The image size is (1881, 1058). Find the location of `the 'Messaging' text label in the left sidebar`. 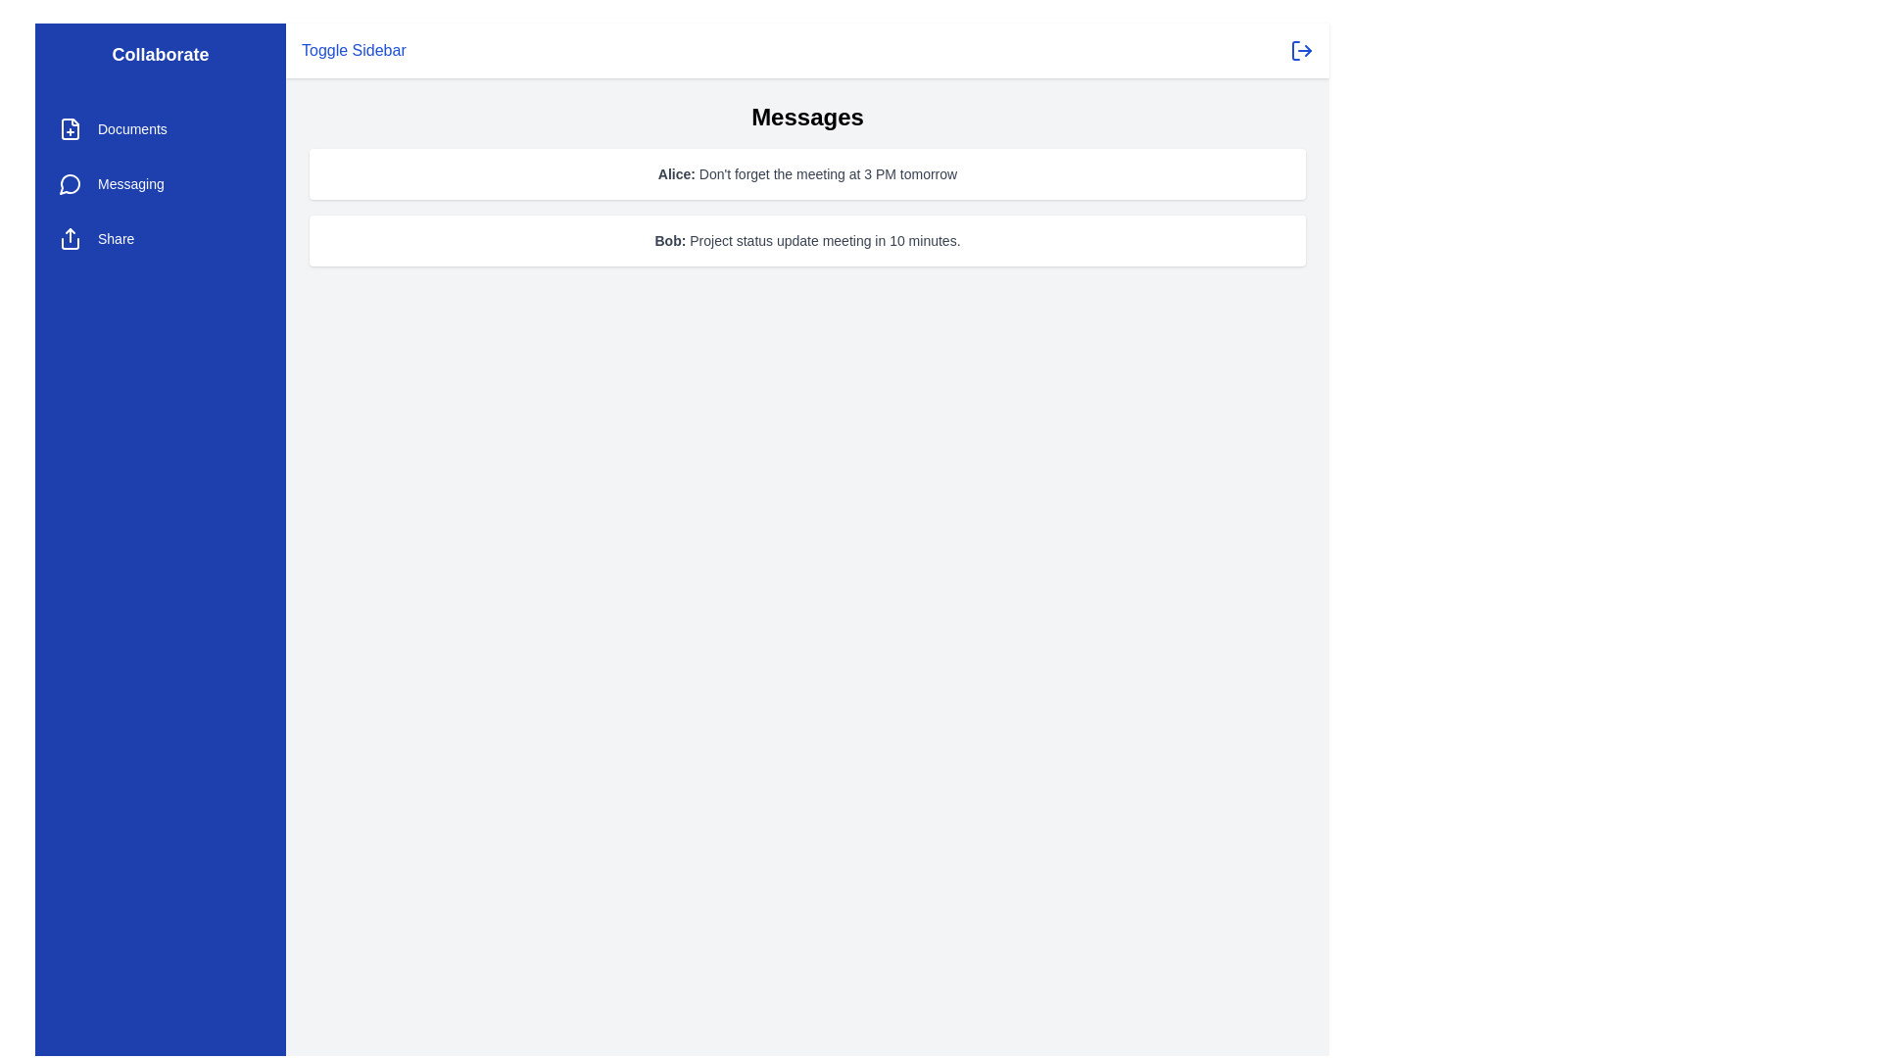

the 'Messaging' text label in the left sidebar is located at coordinates (129, 184).